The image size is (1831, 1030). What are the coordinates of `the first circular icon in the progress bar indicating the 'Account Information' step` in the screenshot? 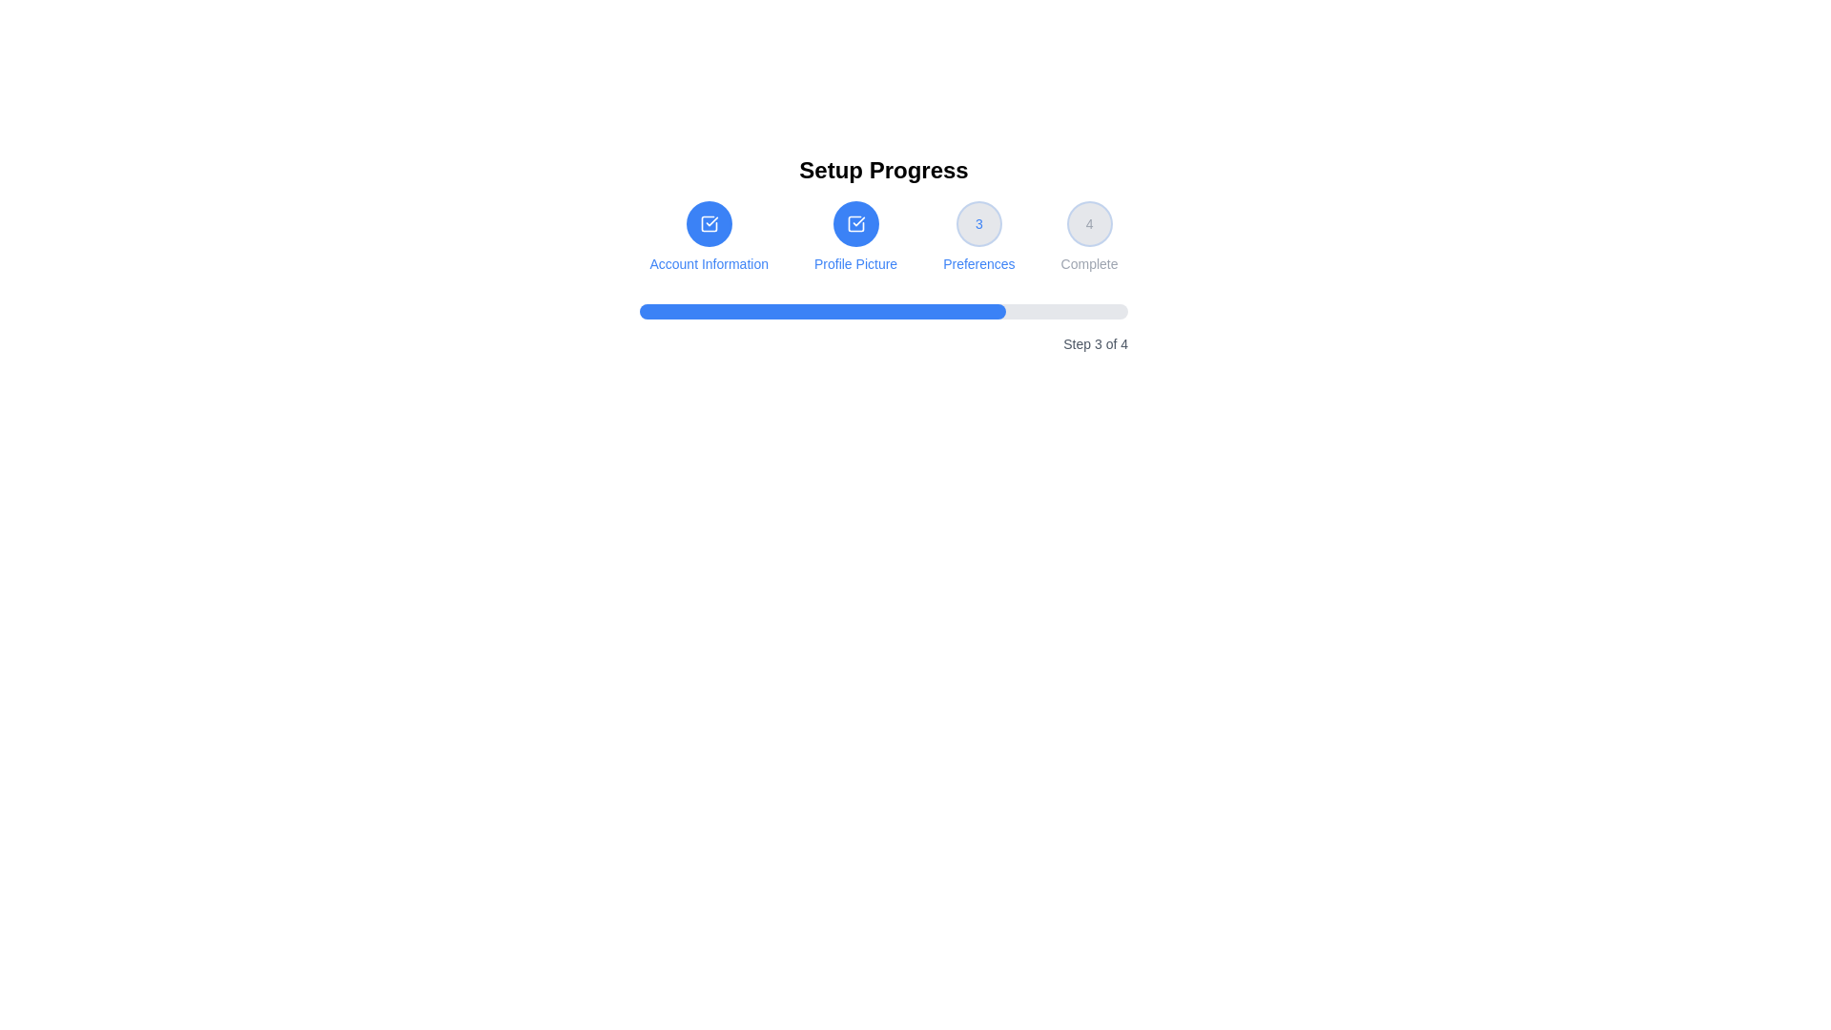 It's located at (708, 223).